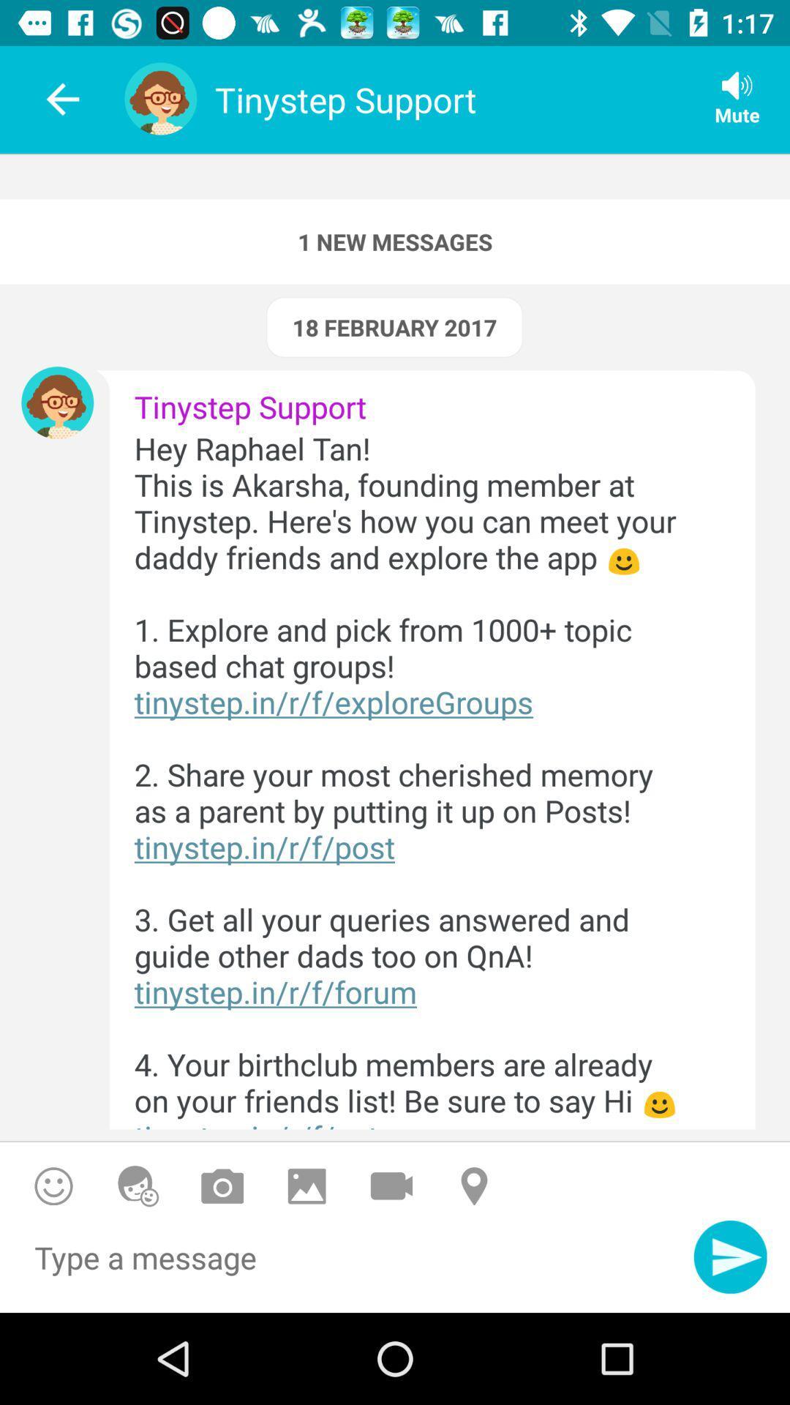  I want to click on record and upload the video, so click(391, 1186).